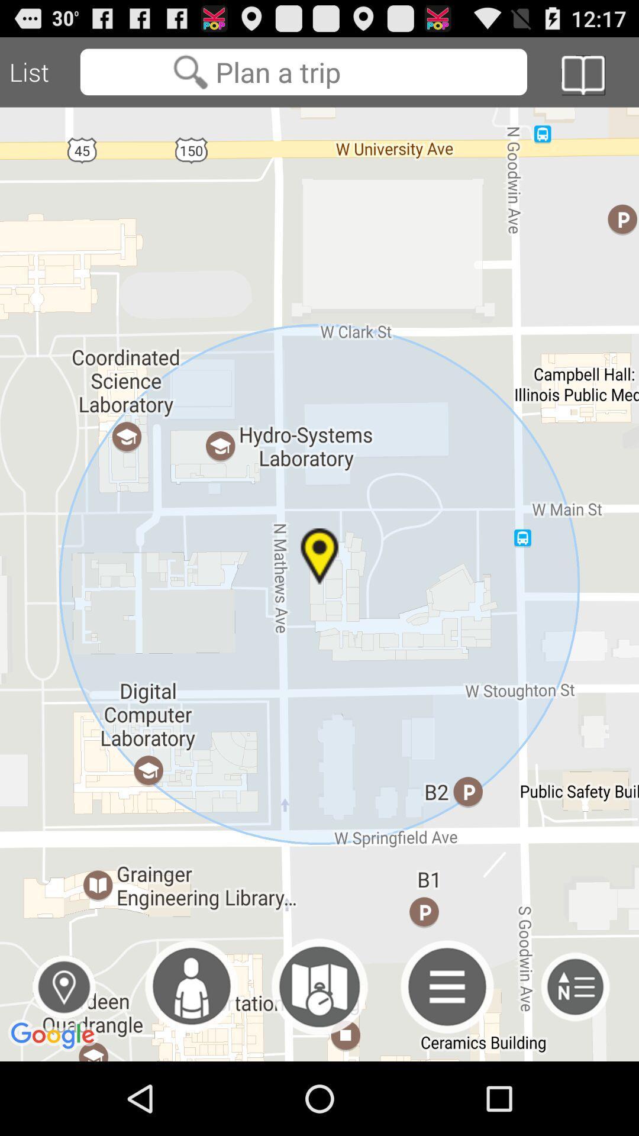 This screenshot has height=1136, width=639. Describe the element at coordinates (319, 584) in the screenshot. I see `the icon below list item` at that location.